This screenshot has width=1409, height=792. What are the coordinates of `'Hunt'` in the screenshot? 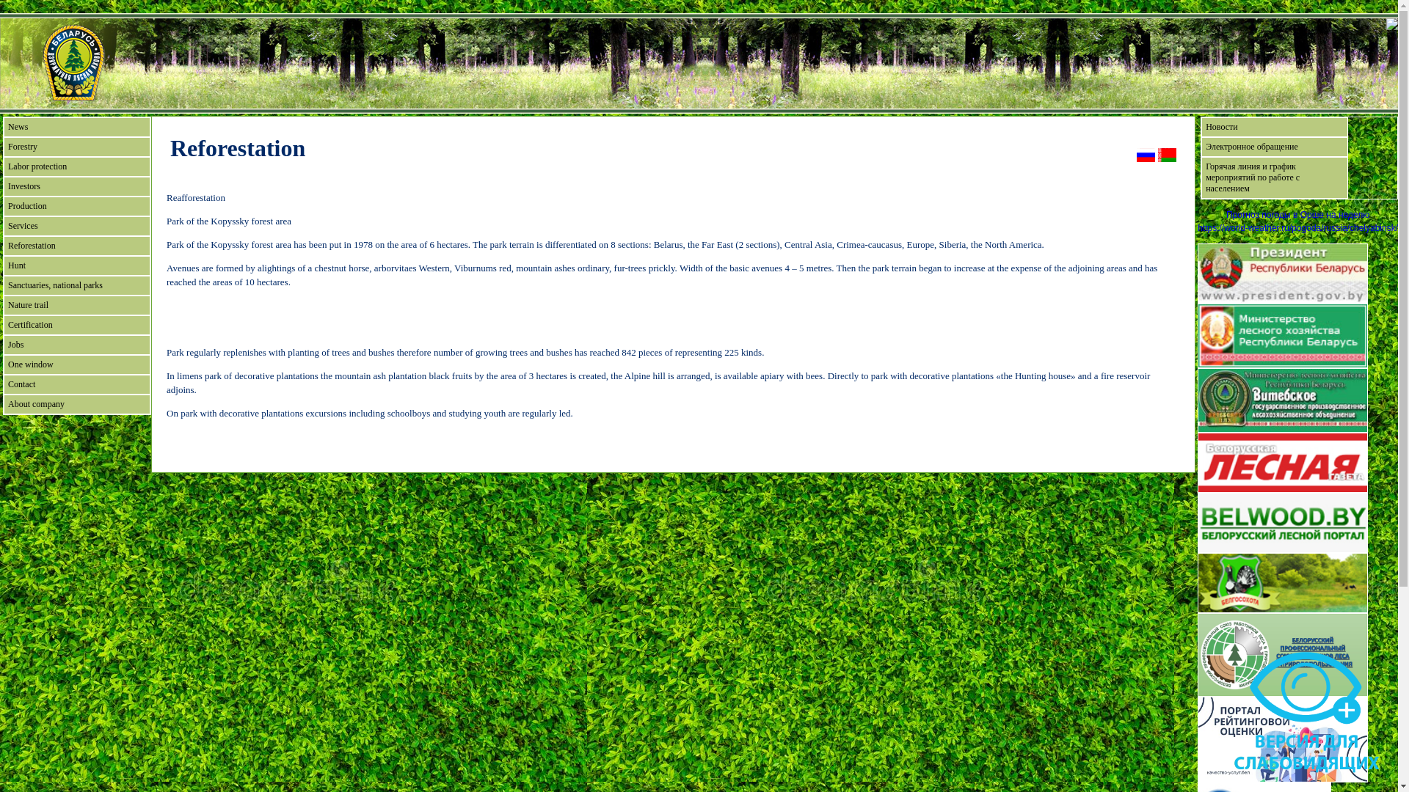 It's located at (76, 265).